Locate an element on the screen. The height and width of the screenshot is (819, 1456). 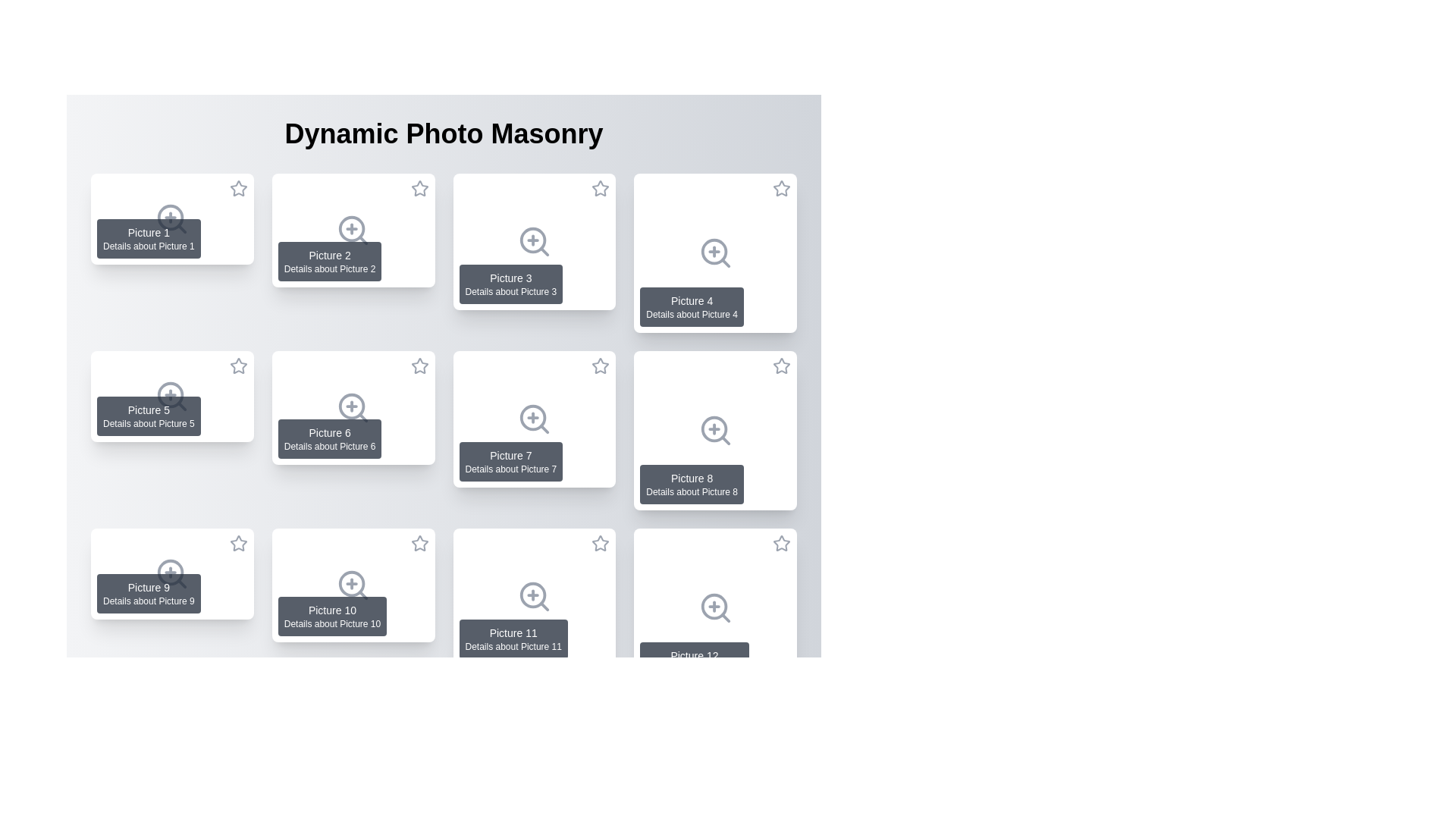
the star-shaped favorite button located at the top-right corner of the 'Picture 7' card in the 'Dynamic Photo Masonry' layout to mark it as a favorite is located at coordinates (600, 366).